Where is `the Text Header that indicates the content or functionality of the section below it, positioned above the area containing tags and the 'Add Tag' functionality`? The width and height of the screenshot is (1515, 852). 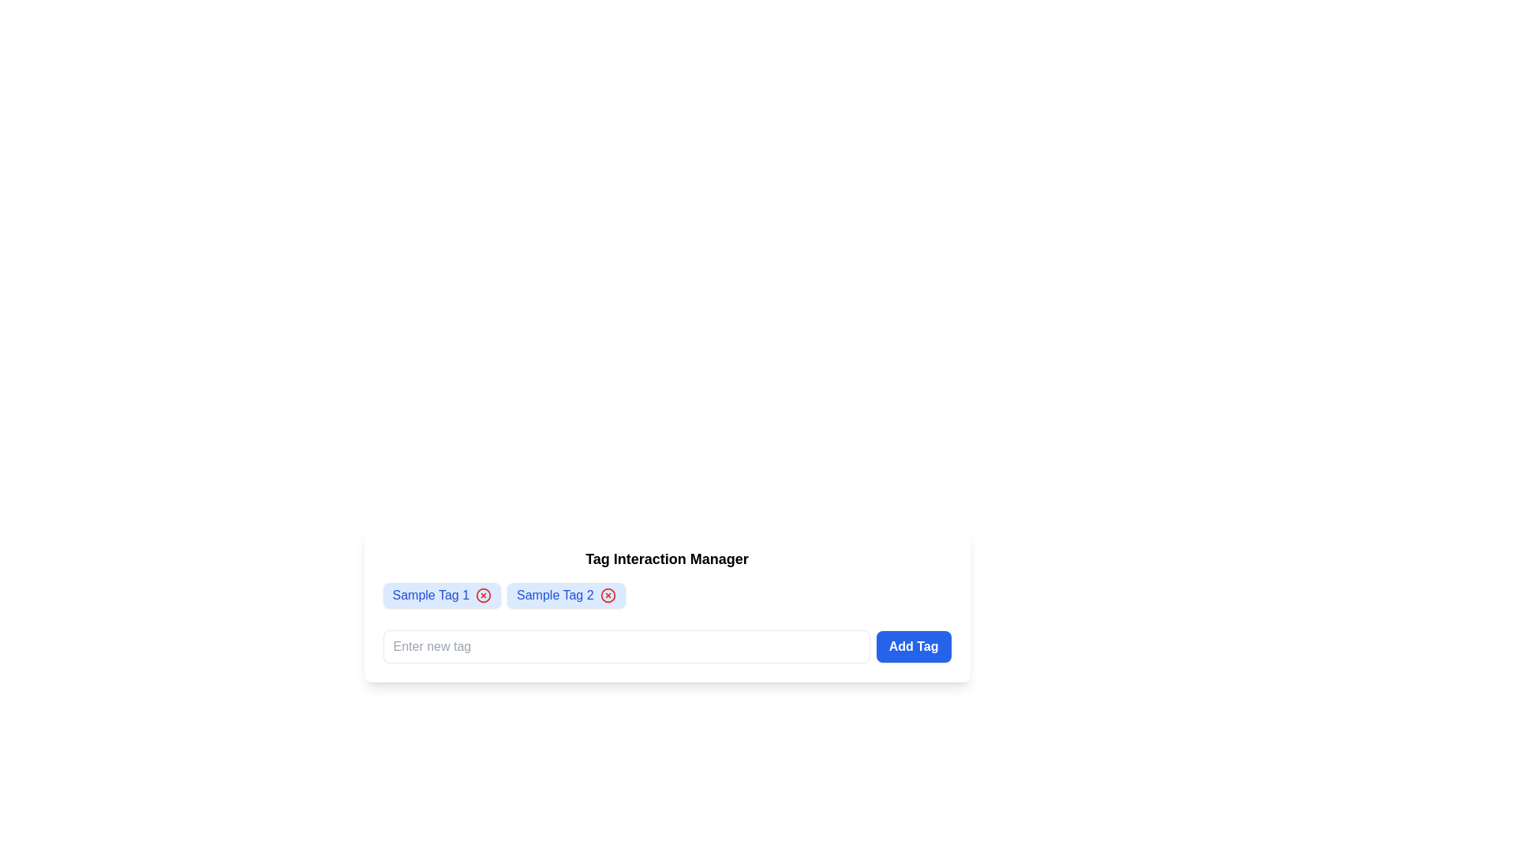
the Text Header that indicates the content or functionality of the section below it, positioned above the area containing tags and the 'Add Tag' functionality is located at coordinates (667, 559).